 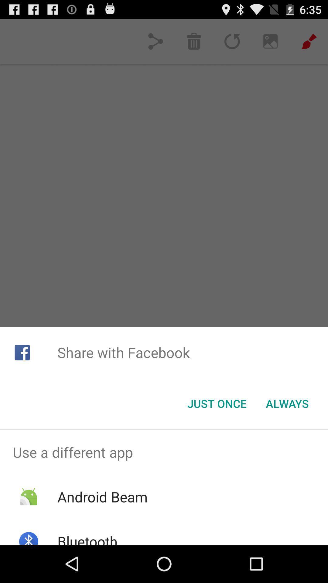 I want to click on the button at the bottom right corner, so click(x=287, y=404).